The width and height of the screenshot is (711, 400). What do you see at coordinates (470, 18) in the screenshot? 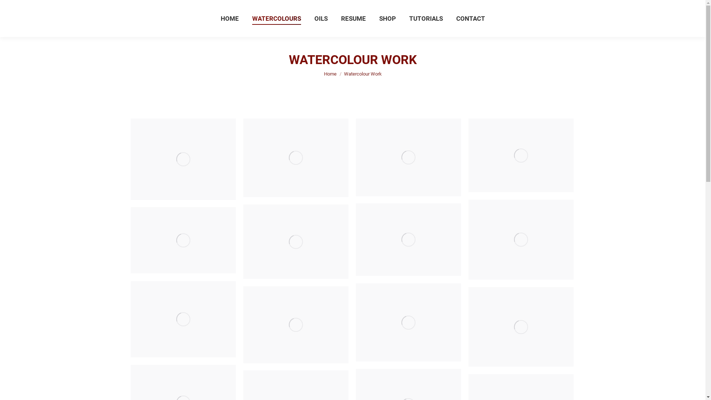
I see `'CONTACT'` at bounding box center [470, 18].